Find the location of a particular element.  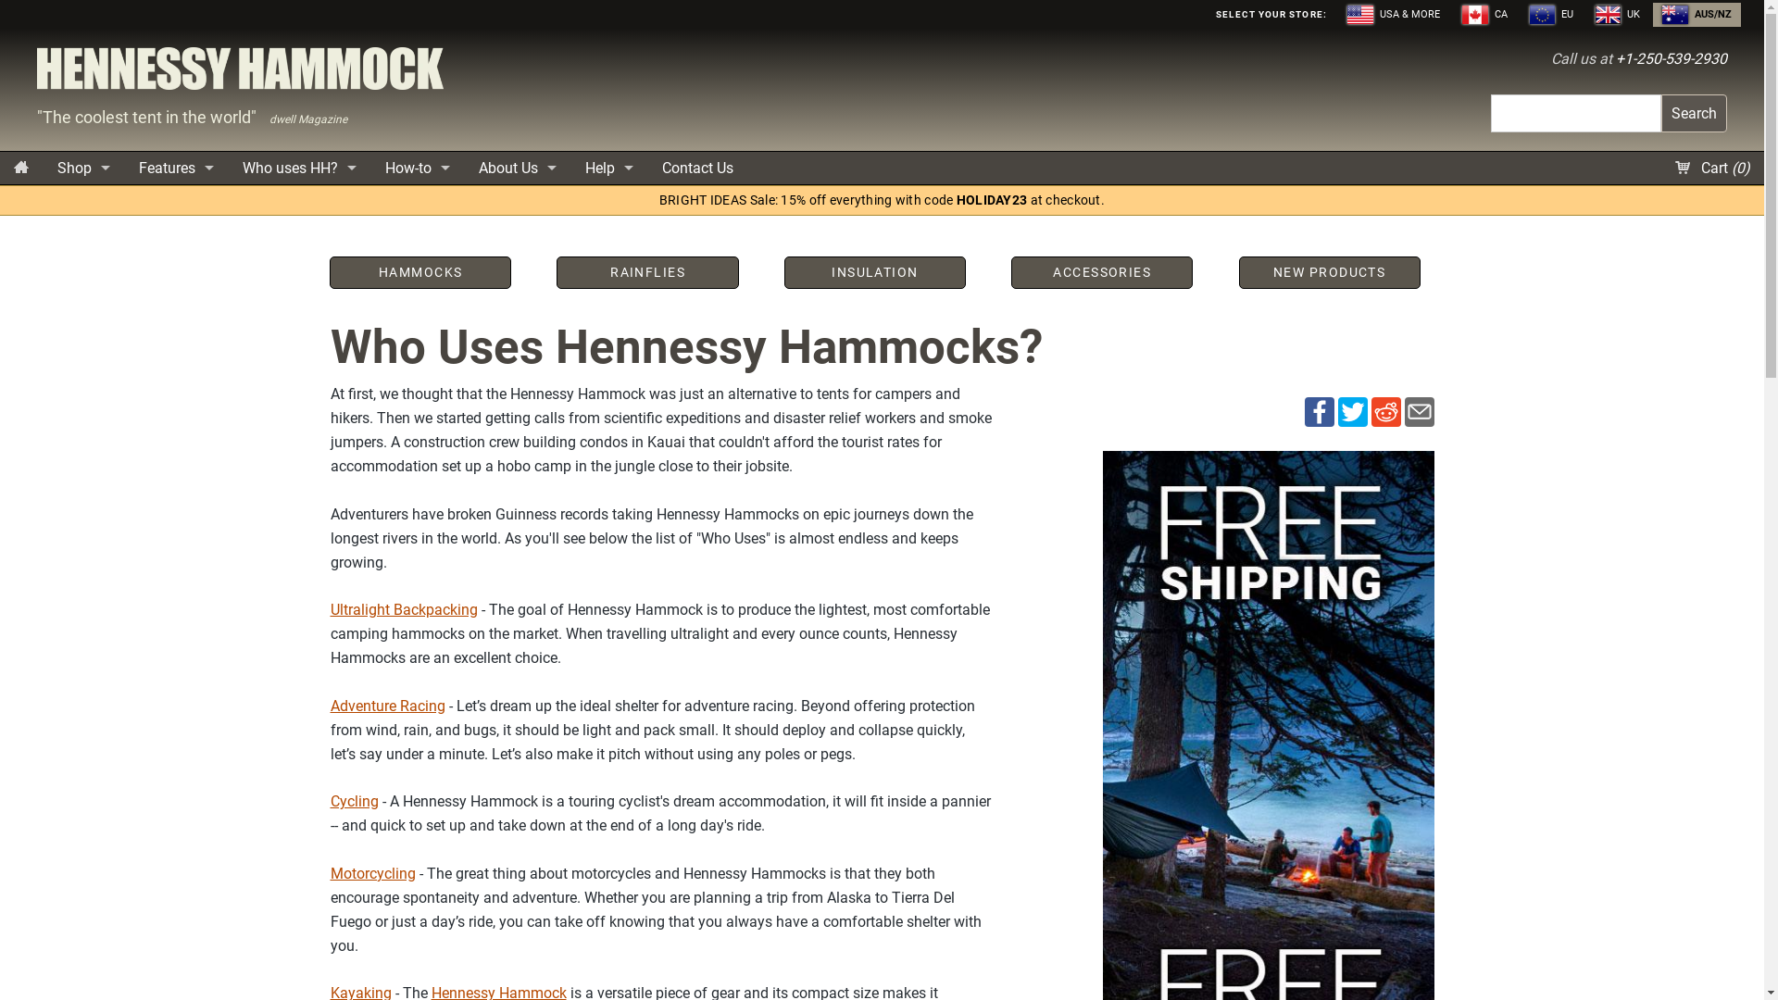

'ACCESSORIES' is located at coordinates (1102, 272).